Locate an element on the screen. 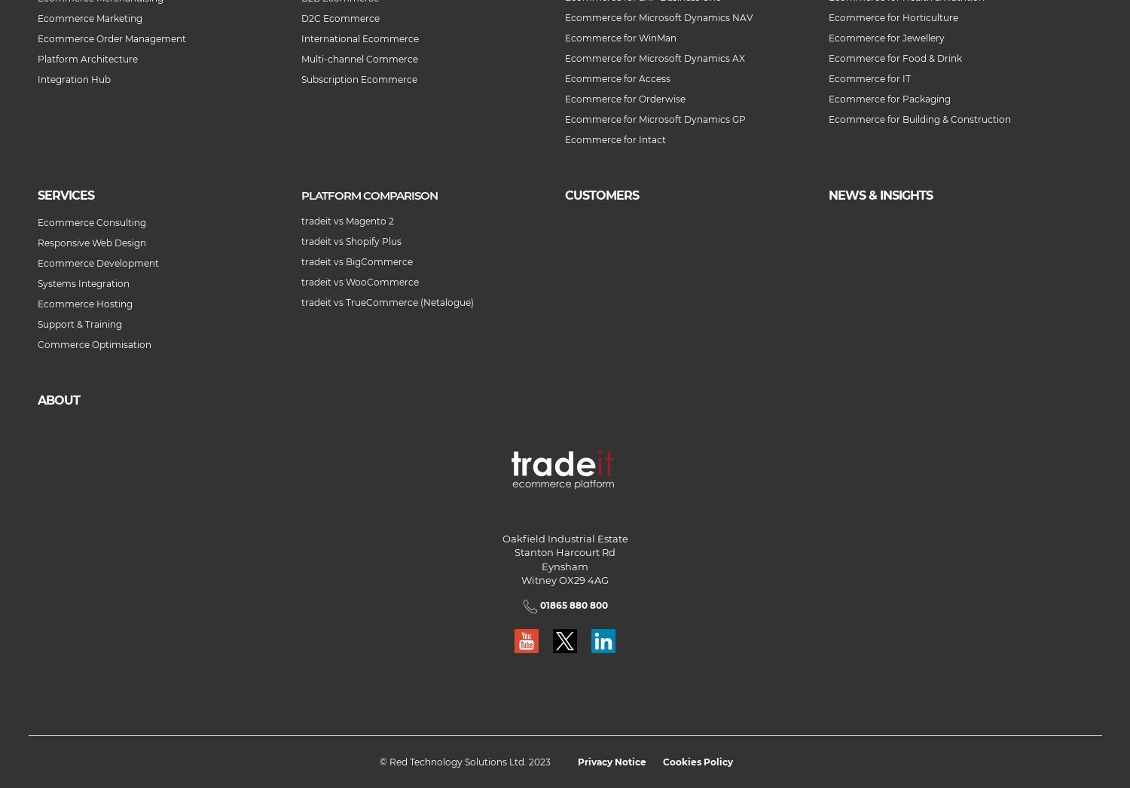  'Ecommerce for WinMan' is located at coordinates (619, 36).